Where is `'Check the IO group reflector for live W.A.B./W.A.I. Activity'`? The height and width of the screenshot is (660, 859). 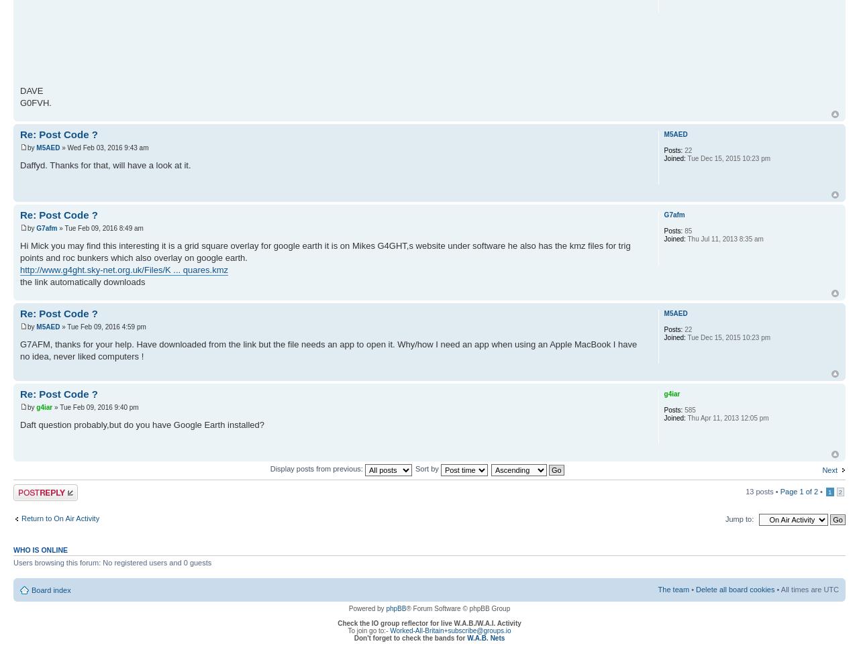 'Check the IO group reflector for live W.A.B./W.A.I. Activity' is located at coordinates (428, 623).